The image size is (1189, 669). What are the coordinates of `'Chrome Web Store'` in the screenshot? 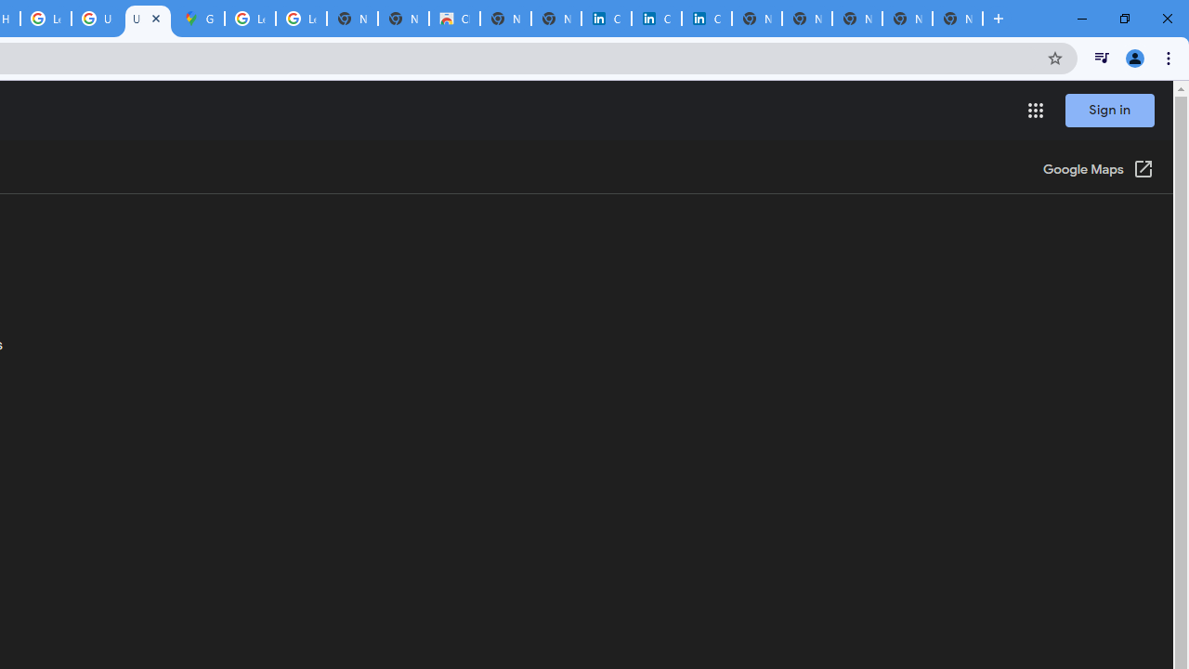 It's located at (454, 19).